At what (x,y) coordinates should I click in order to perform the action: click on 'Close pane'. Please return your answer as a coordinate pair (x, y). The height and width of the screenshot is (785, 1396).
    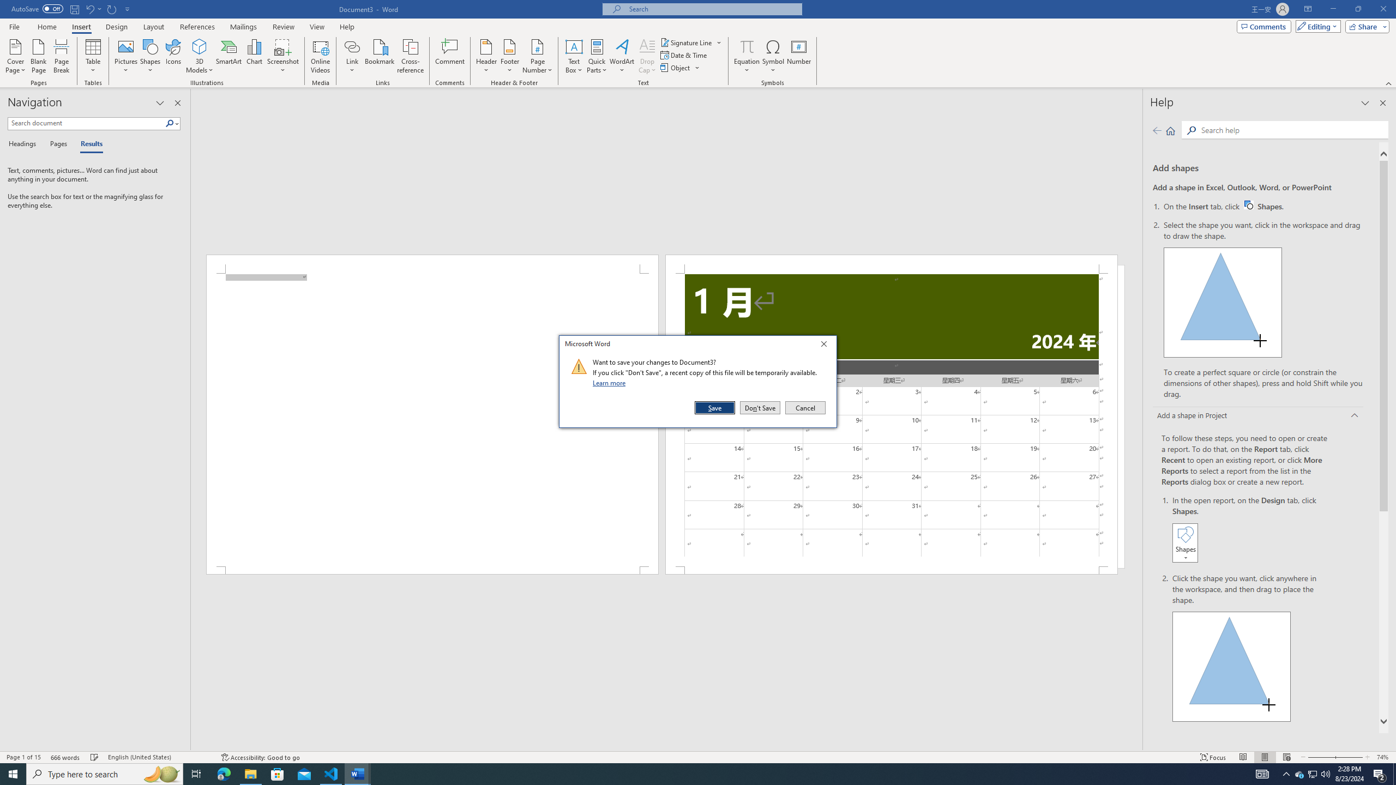
    Looking at the image, I should click on (178, 102).